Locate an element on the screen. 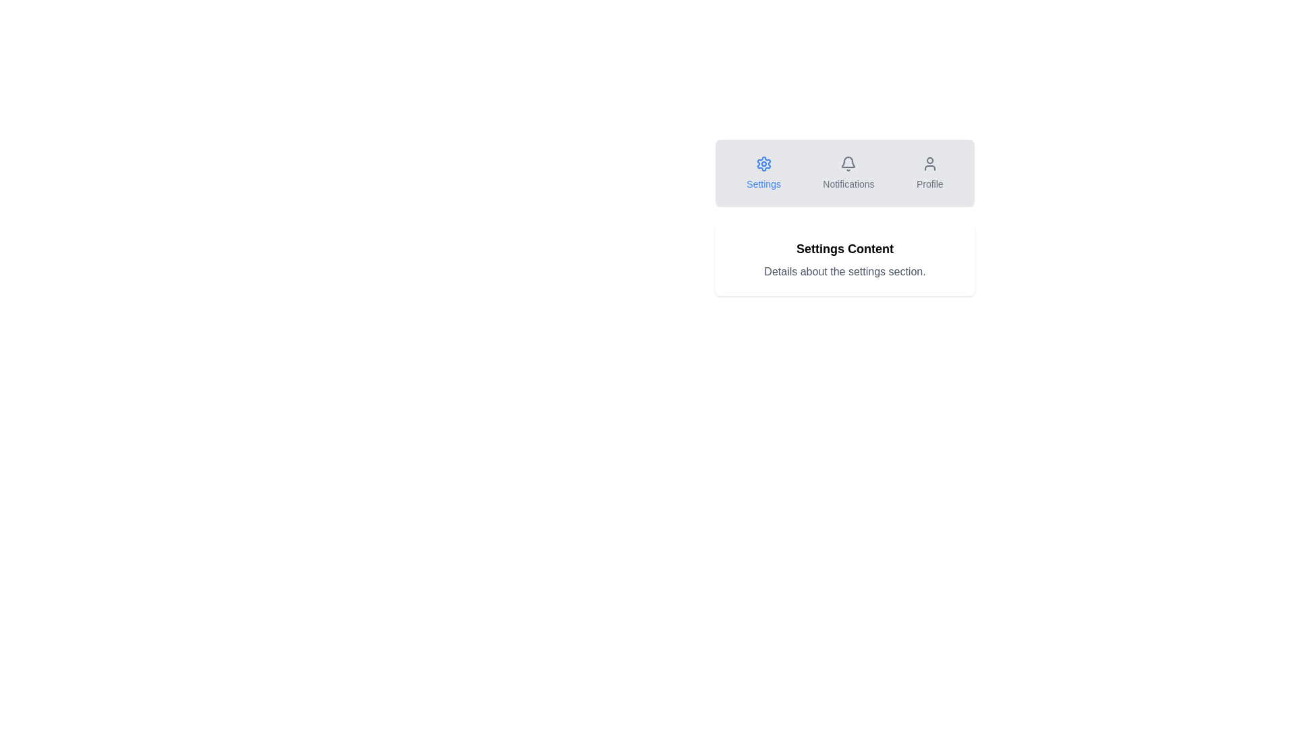  the Tab Navigation Bar located at the top of the interface is located at coordinates (844, 173).